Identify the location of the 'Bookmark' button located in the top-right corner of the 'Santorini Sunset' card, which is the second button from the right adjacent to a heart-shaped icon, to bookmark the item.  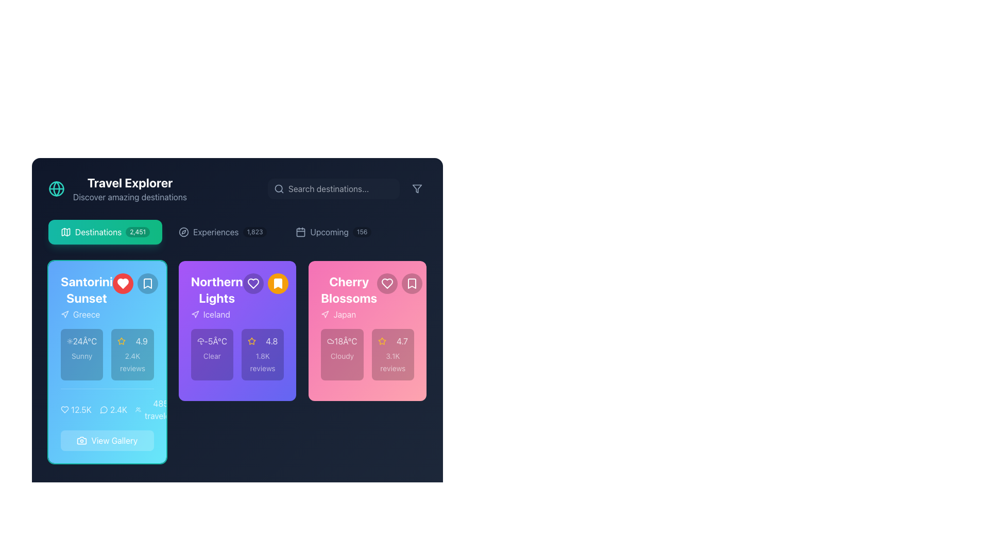
(147, 284).